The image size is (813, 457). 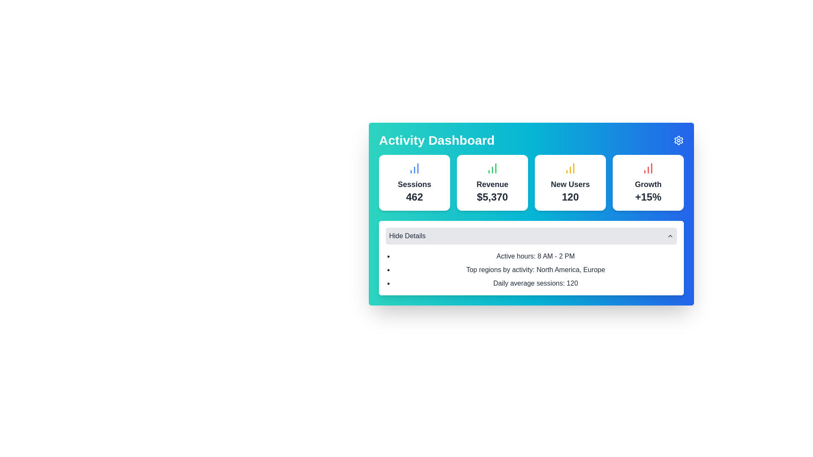 I want to click on static text label that displays 'Daily average sessions: 120', which is the third item in the bulleted list under the 'Hide Details' section, so click(x=535, y=284).